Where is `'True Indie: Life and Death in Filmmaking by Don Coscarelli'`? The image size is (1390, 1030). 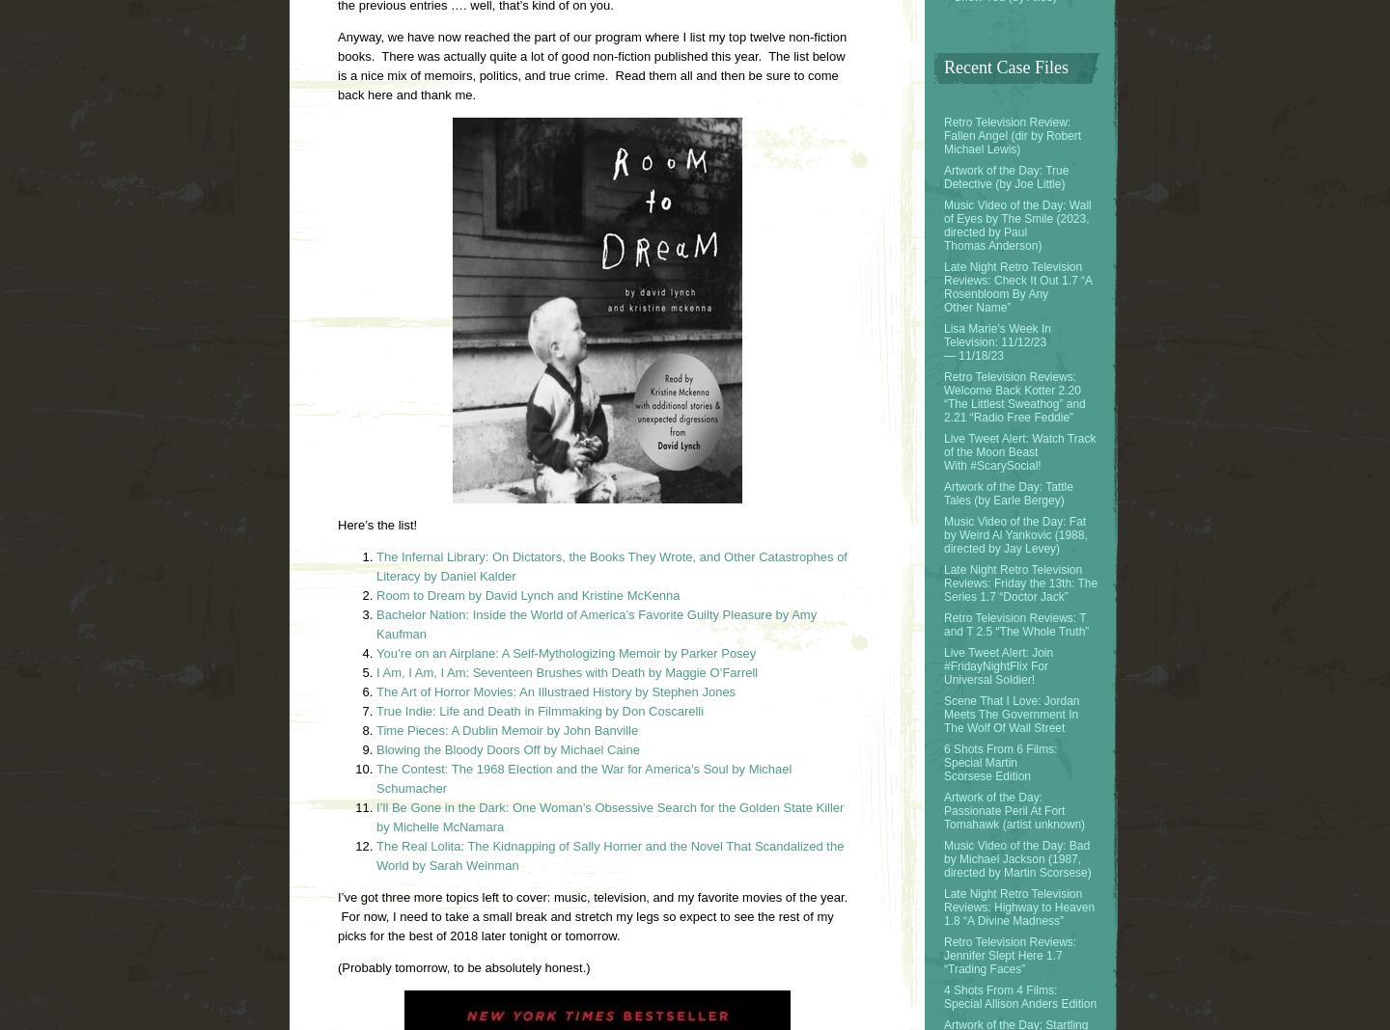
'True Indie: Life and Death in Filmmaking by Don Coscarelli' is located at coordinates (542, 711).